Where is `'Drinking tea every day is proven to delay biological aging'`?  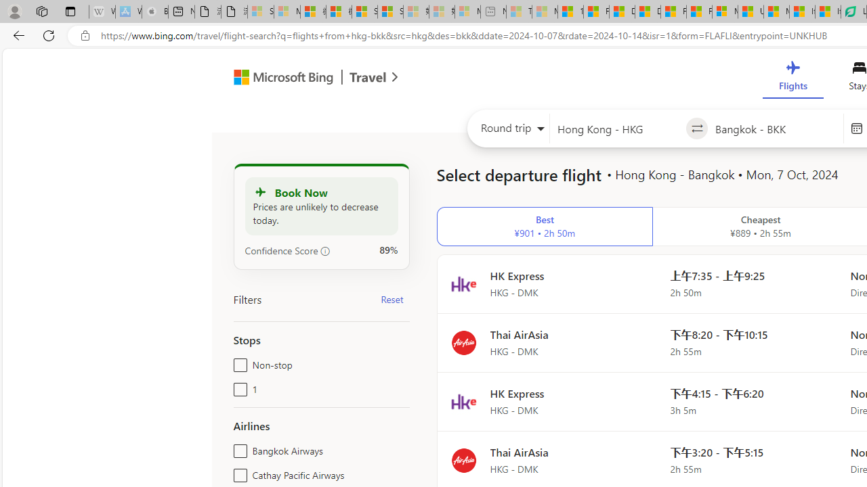 'Drinking tea every day is proven to delay biological aging' is located at coordinates (647, 11).